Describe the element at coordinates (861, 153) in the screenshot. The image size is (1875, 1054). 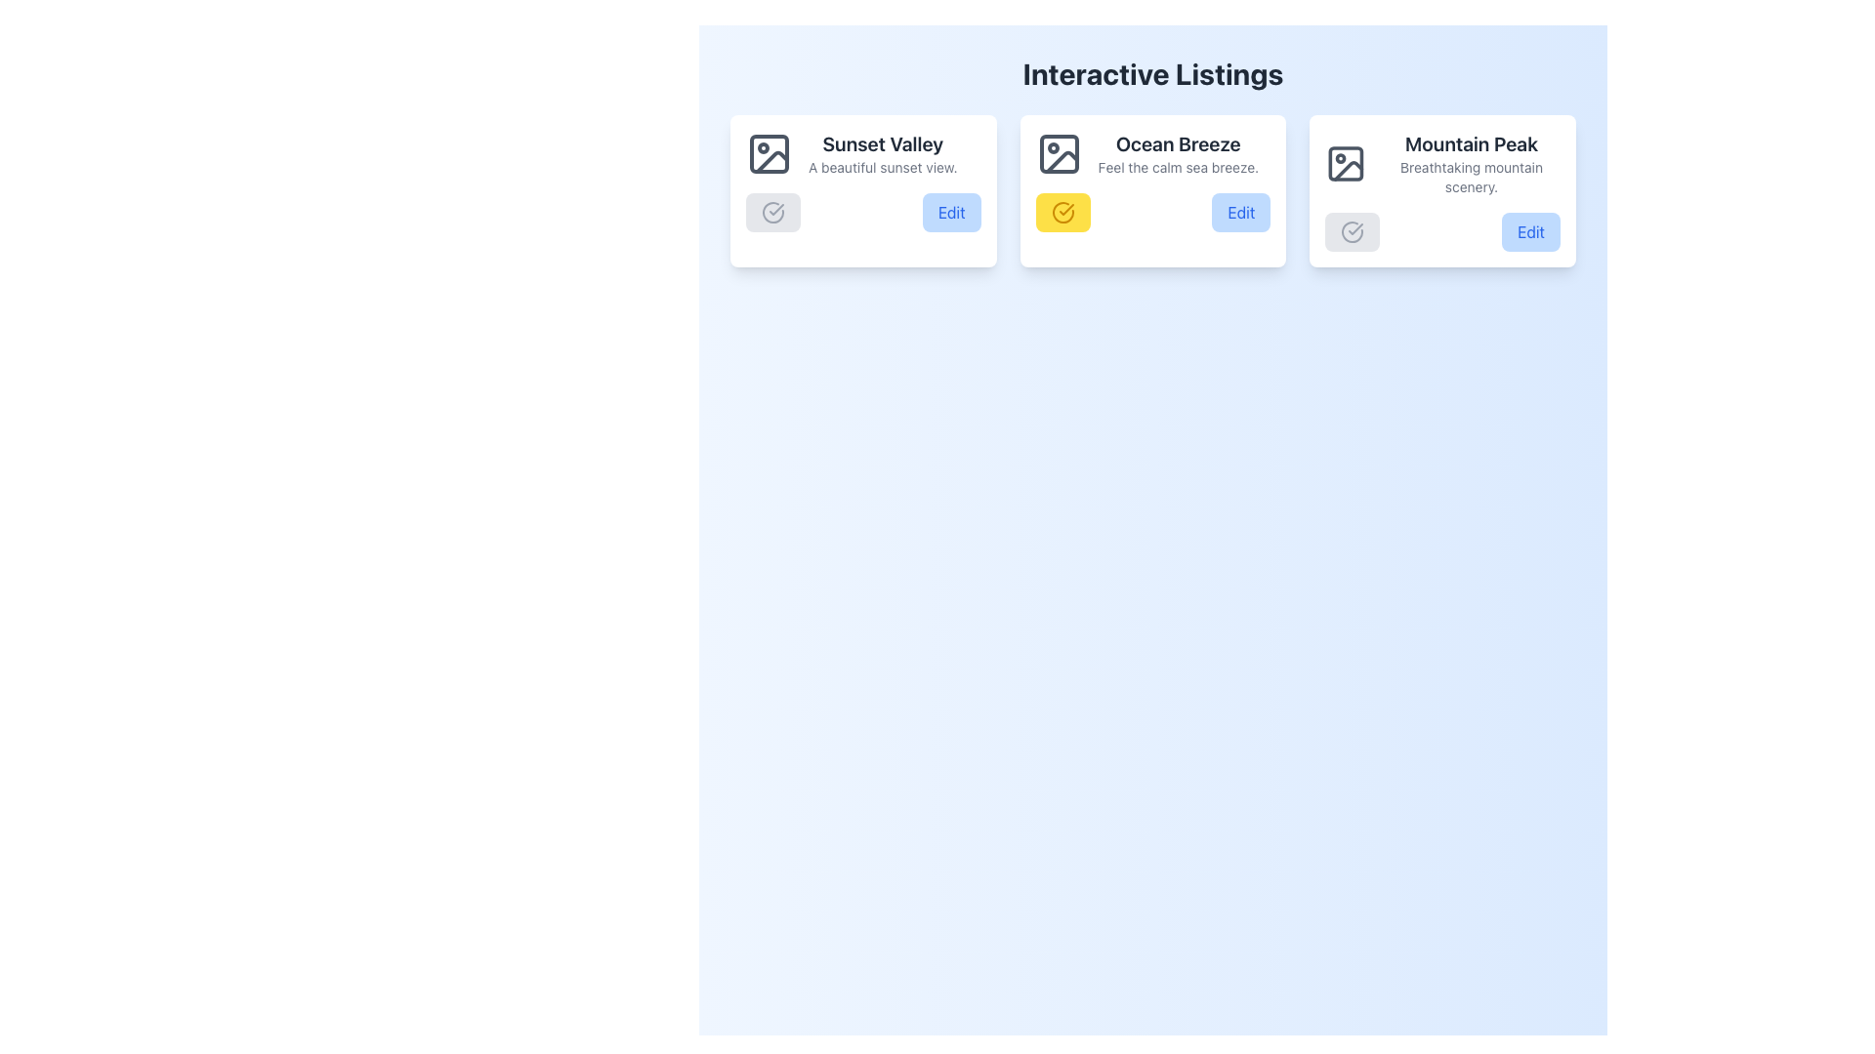
I see `the header text 'Sunset Valley' of the first list item, which features a prominent icon and a secondary description, for interaction` at that location.